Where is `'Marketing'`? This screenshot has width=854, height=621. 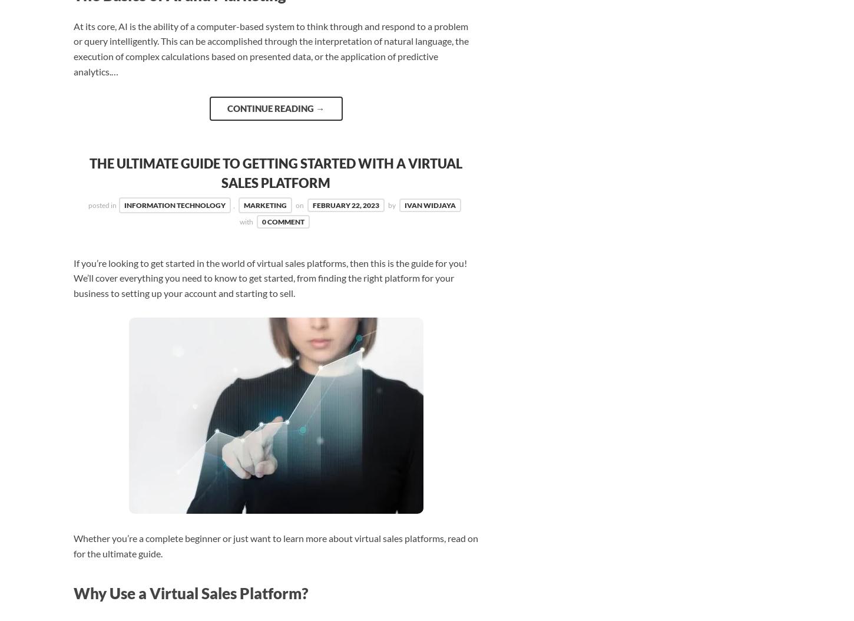
'Marketing' is located at coordinates (264, 205).